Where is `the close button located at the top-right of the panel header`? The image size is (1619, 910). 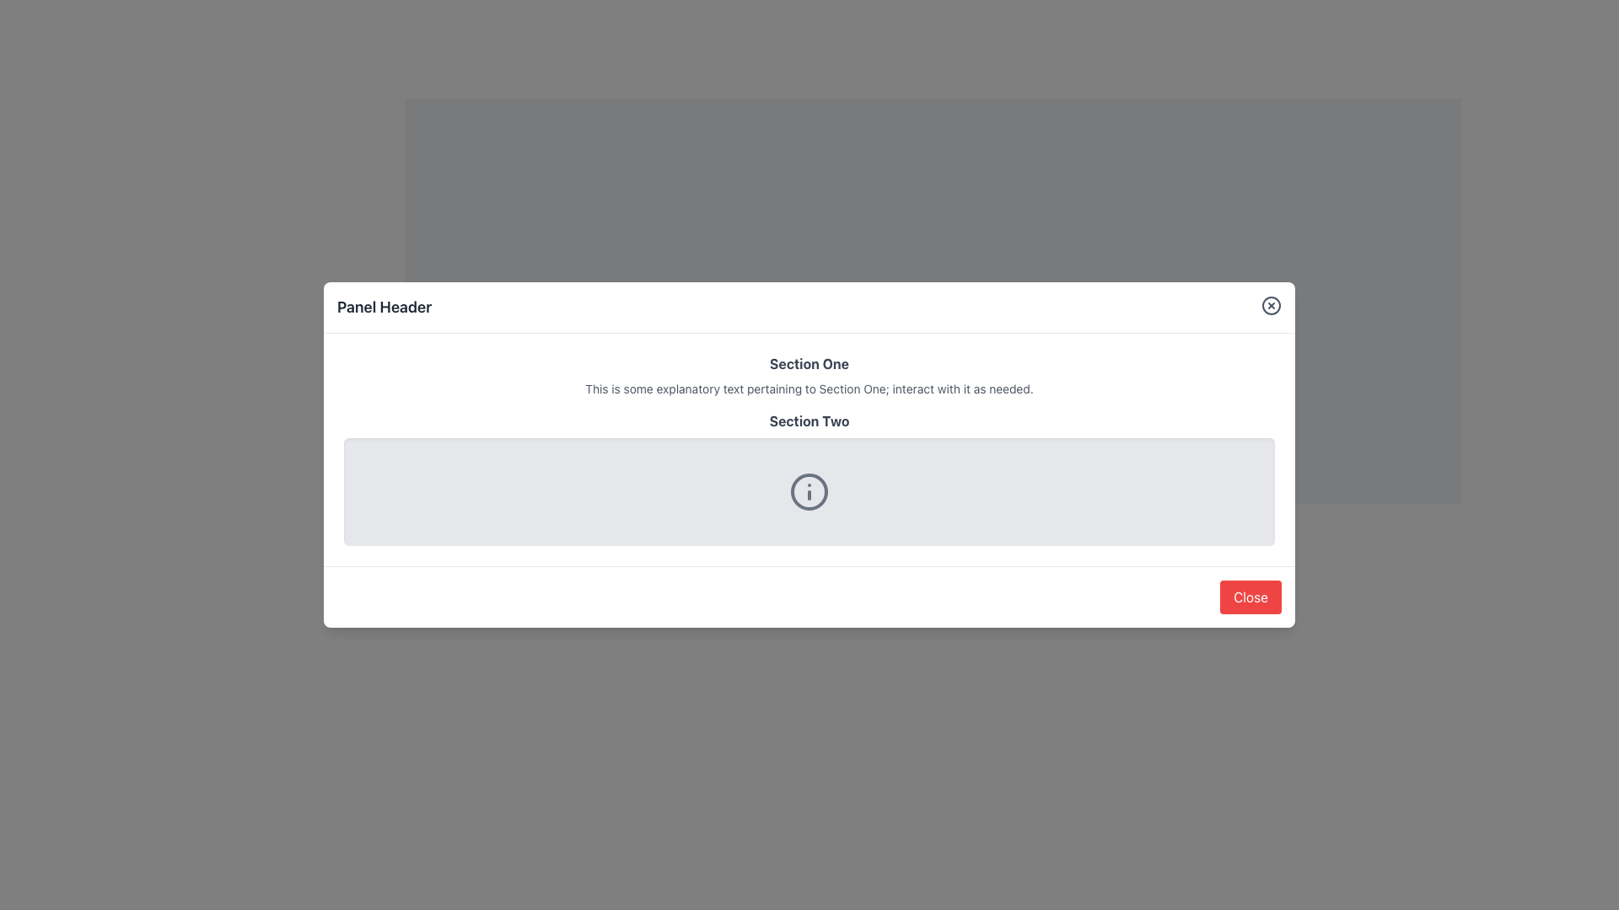
the close button located at the top-right of the panel header is located at coordinates (1271, 305).